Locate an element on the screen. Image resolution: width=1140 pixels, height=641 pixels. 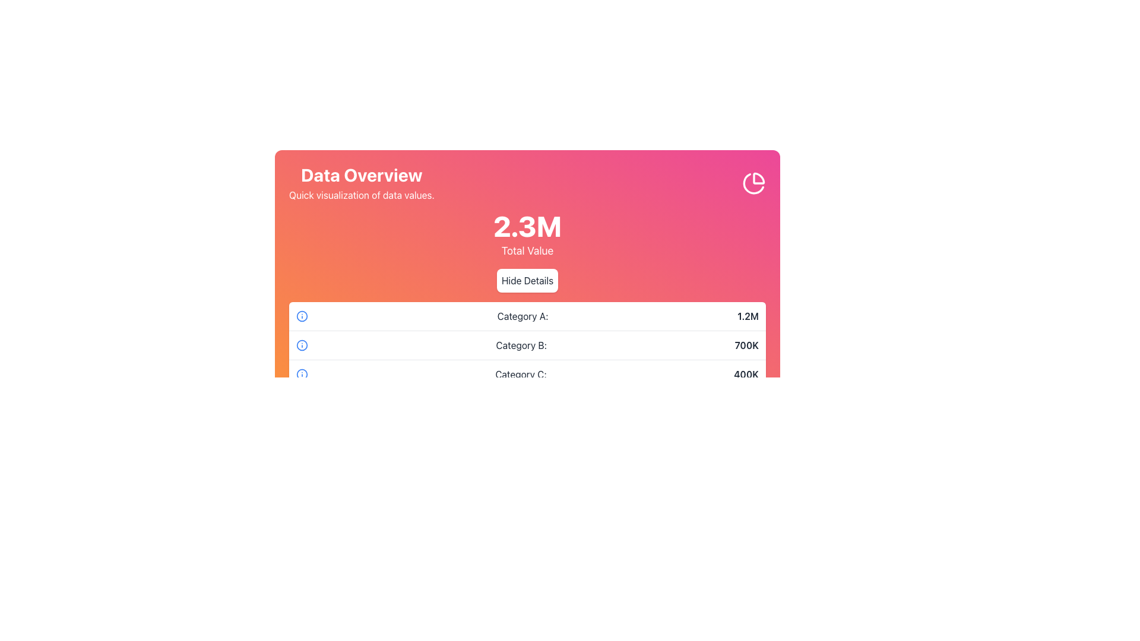
the numerical value displayed for 'Category B' in the second row of the overview table, which is aligned to the right and part of a group with an icon and a label is located at coordinates (746, 345).